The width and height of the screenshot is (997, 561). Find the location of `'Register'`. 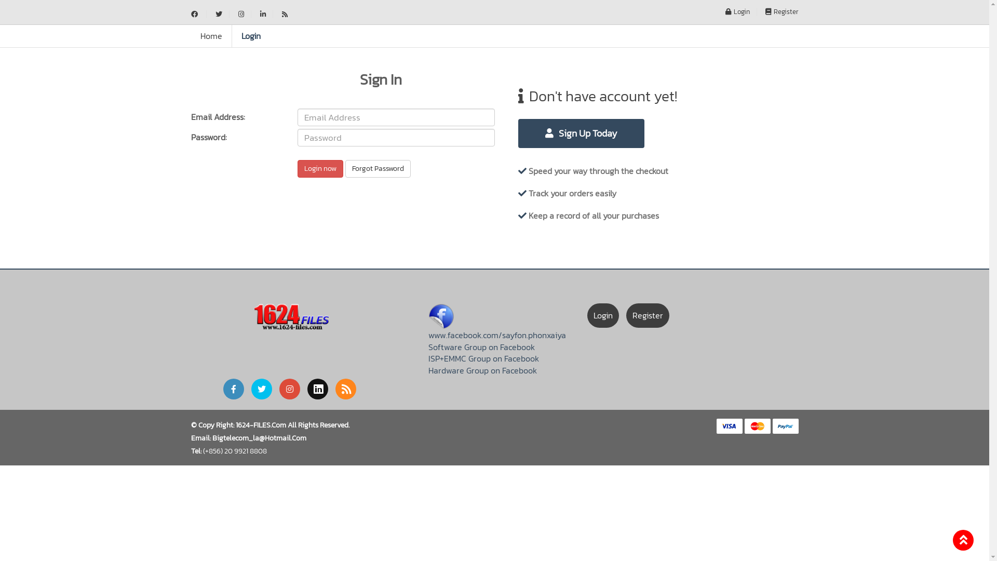

'Register' is located at coordinates (759, 11).